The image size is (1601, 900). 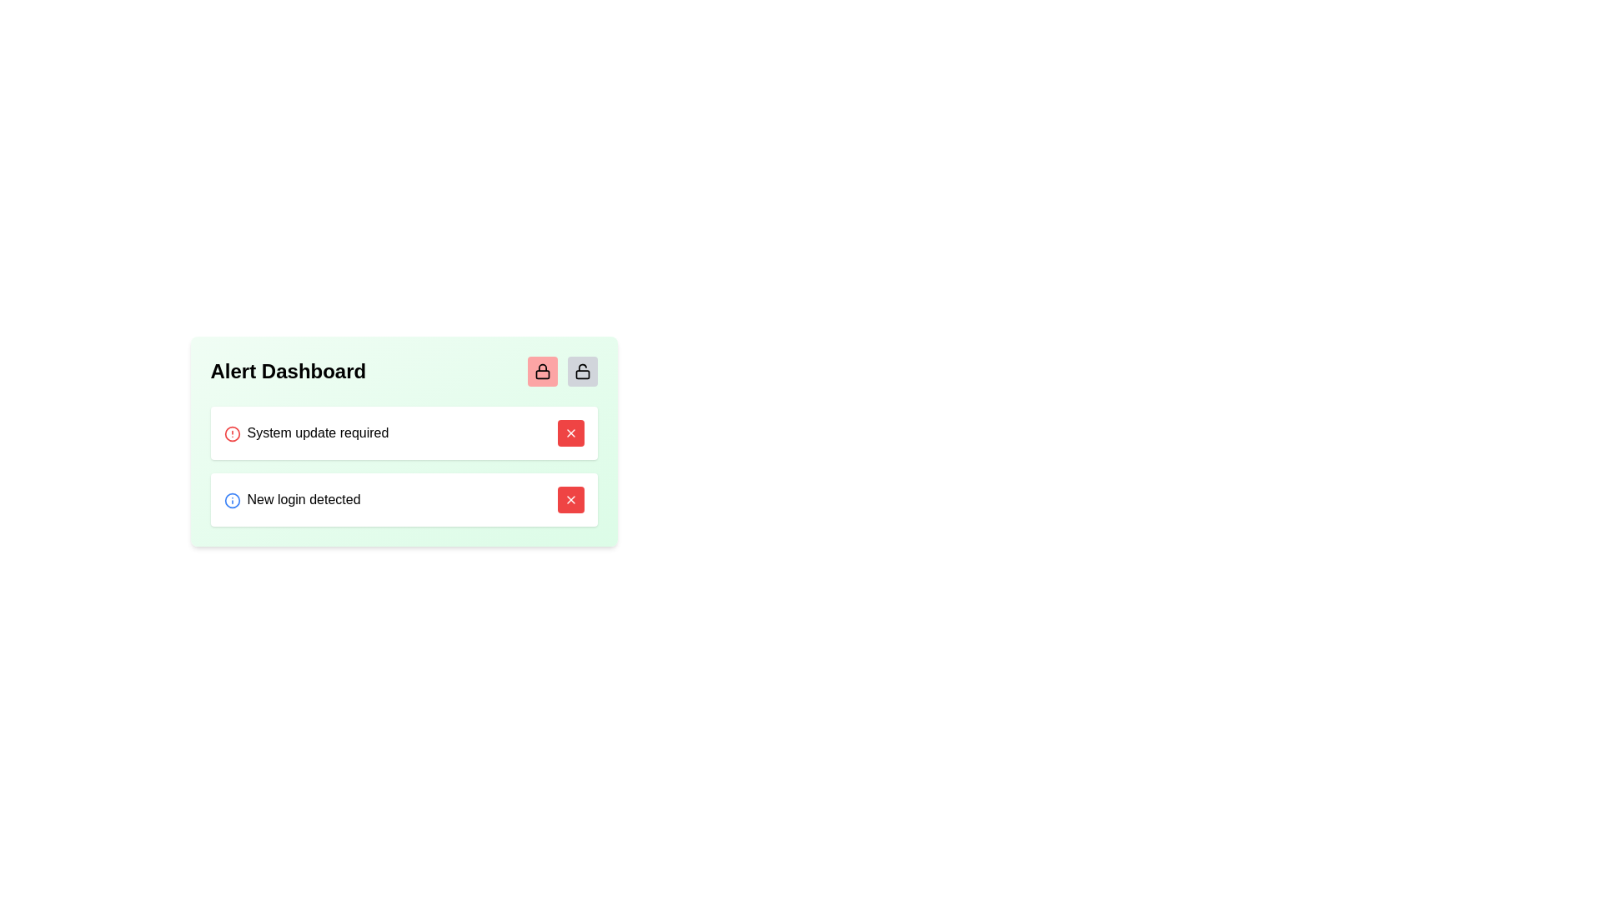 What do you see at coordinates (231, 499) in the screenshot?
I see `the circular graphical icon that indicates an alert or notification status, located inside a blue icon holder adjacent to the 'System update required' list item` at bounding box center [231, 499].